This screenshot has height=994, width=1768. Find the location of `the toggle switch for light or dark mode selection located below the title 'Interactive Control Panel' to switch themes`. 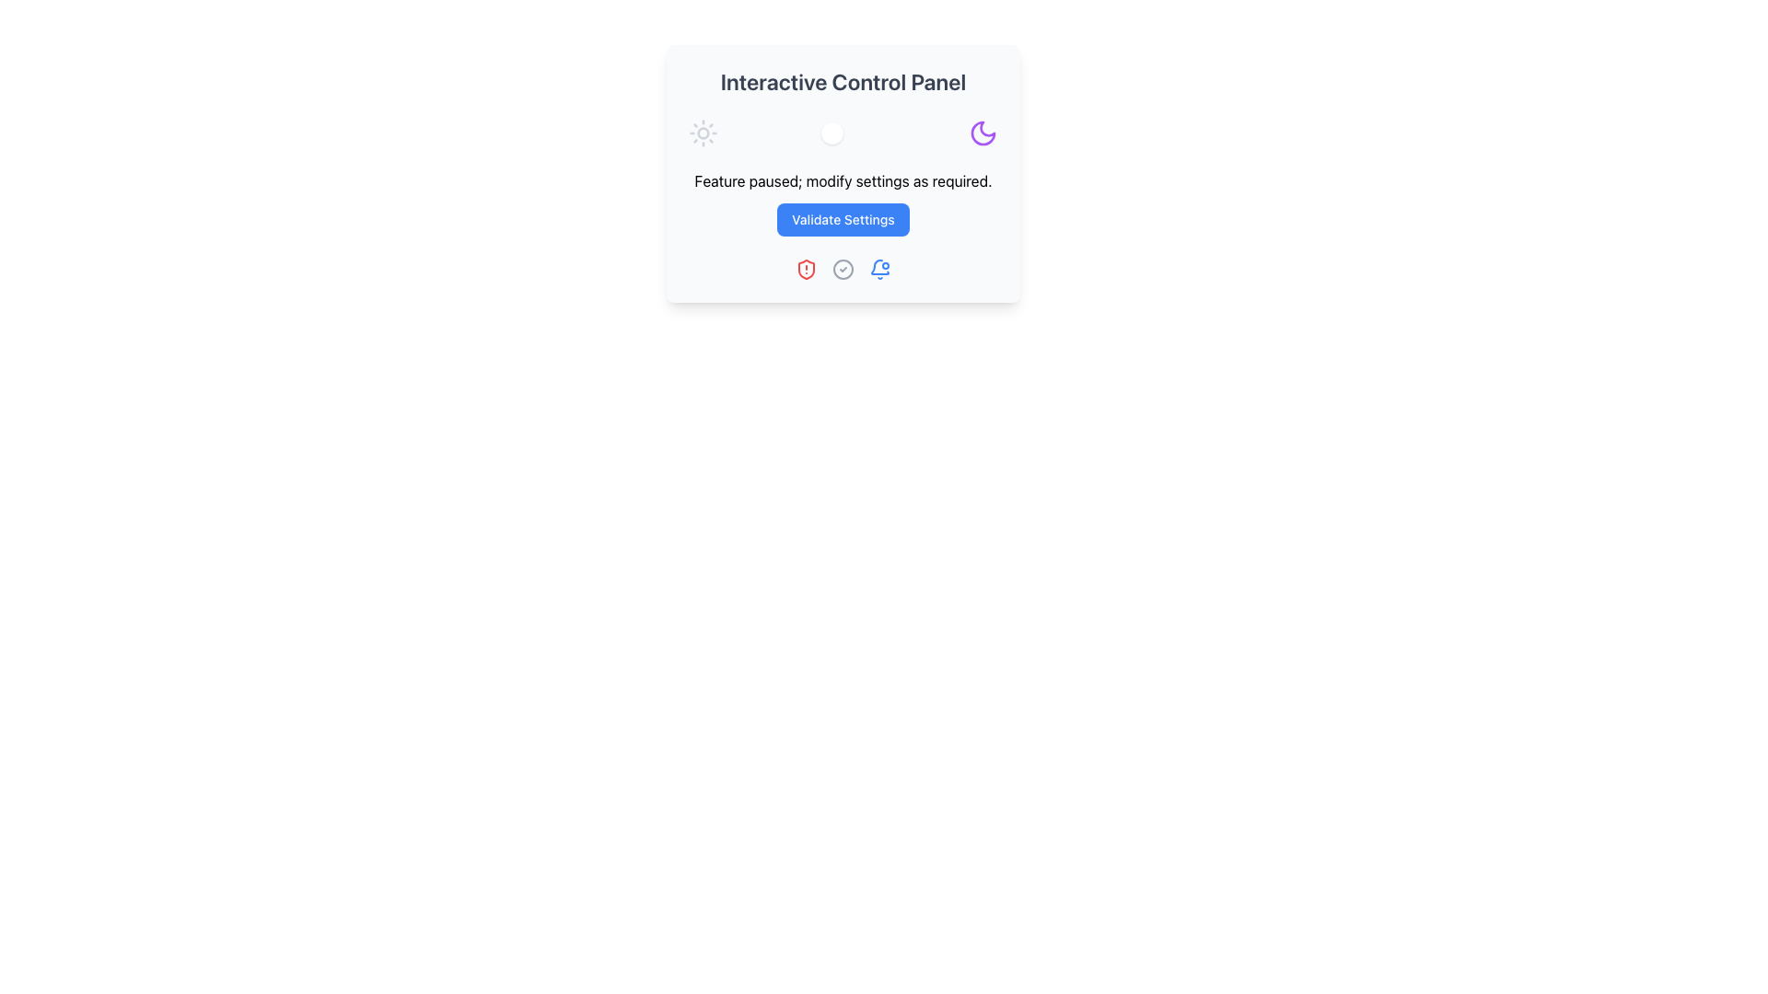

the toggle switch for light or dark mode selection located below the title 'Interactive Control Panel' to switch themes is located at coordinates (843, 133).